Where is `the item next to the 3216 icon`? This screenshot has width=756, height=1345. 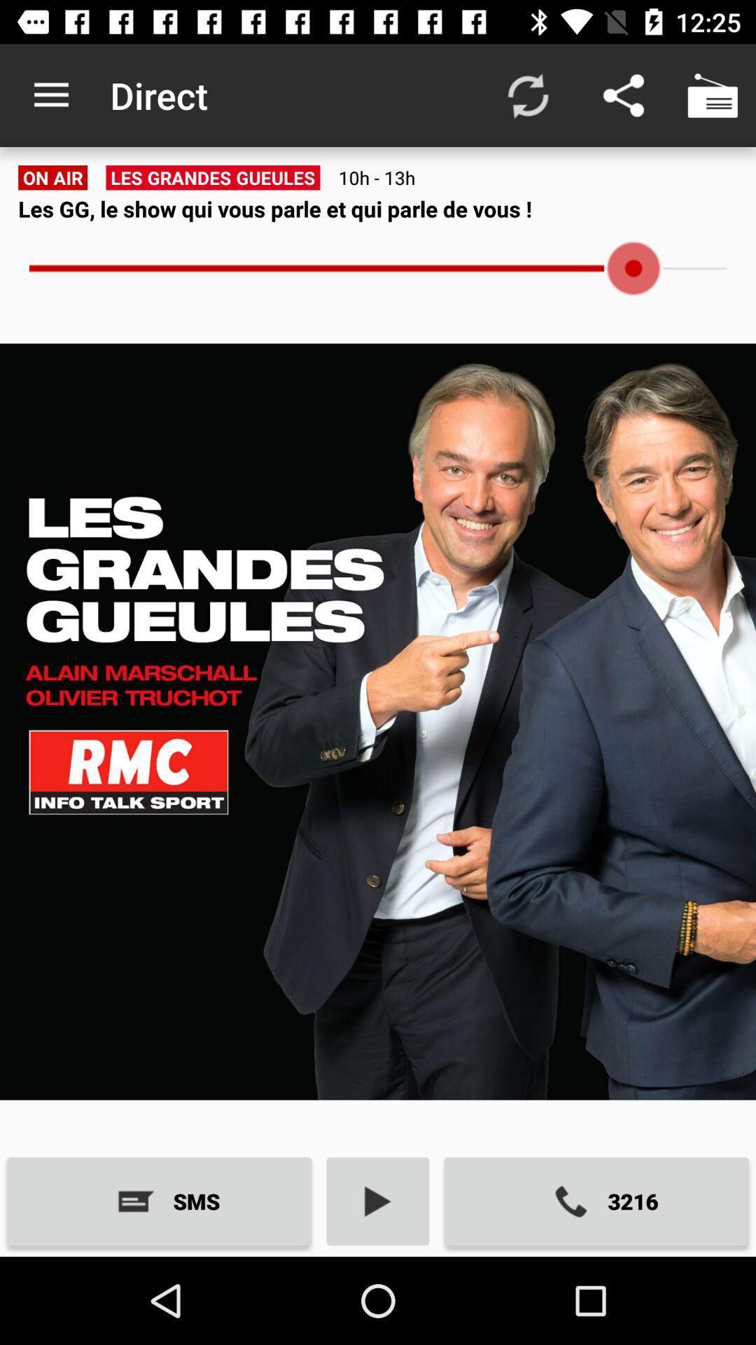 the item next to the 3216 icon is located at coordinates (378, 1201).